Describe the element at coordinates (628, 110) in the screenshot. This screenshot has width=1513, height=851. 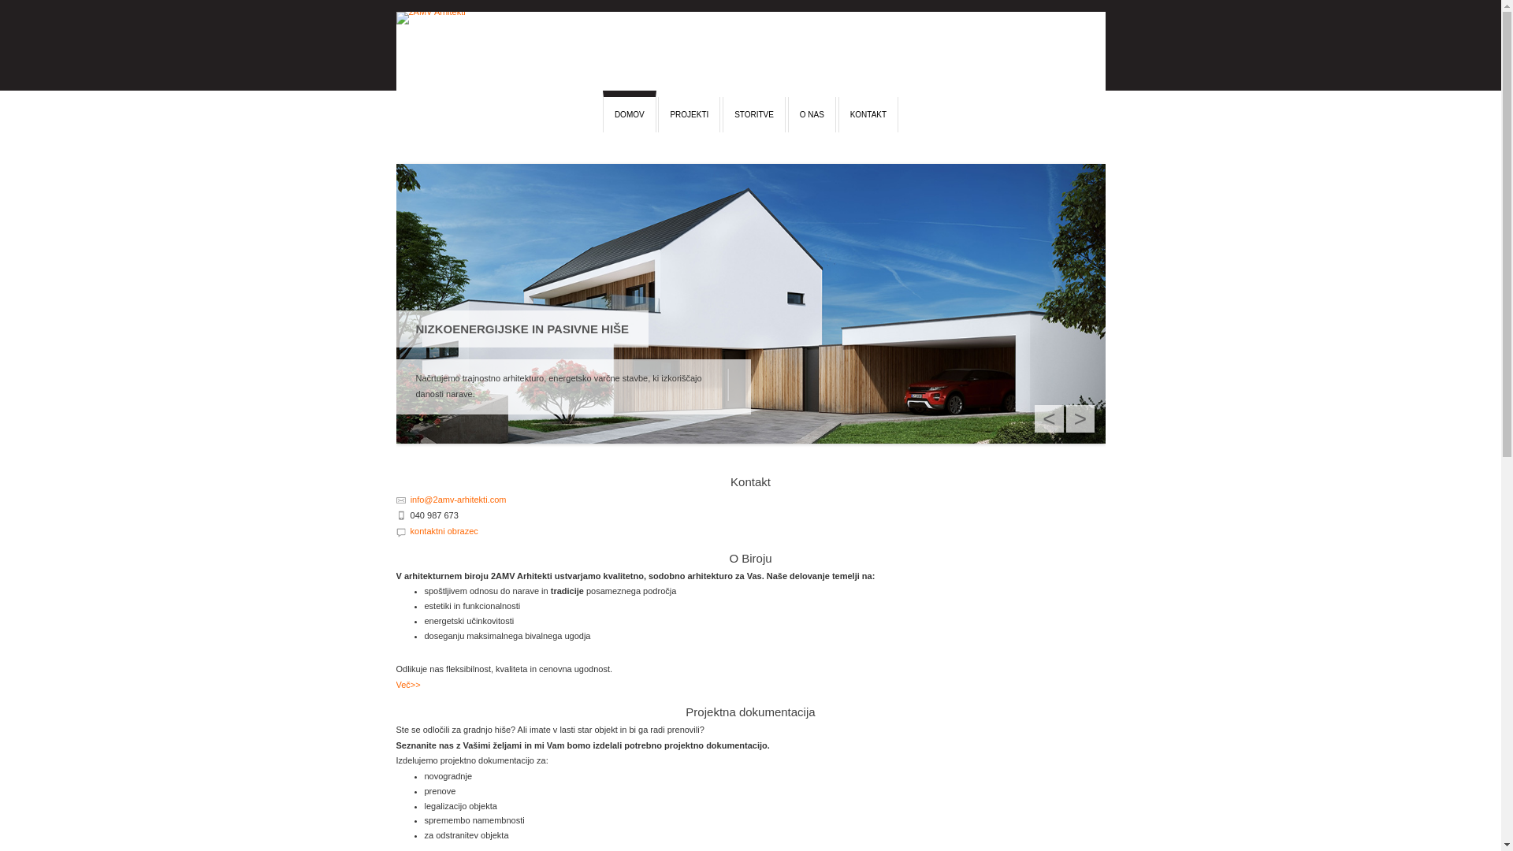
I see `'DOMOV'` at that location.